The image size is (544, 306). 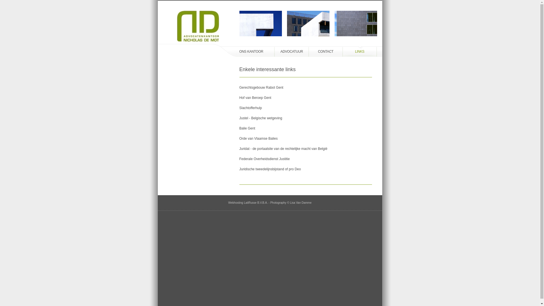 What do you see at coordinates (360, 51) in the screenshot?
I see `'LINKS'` at bounding box center [360, 51].